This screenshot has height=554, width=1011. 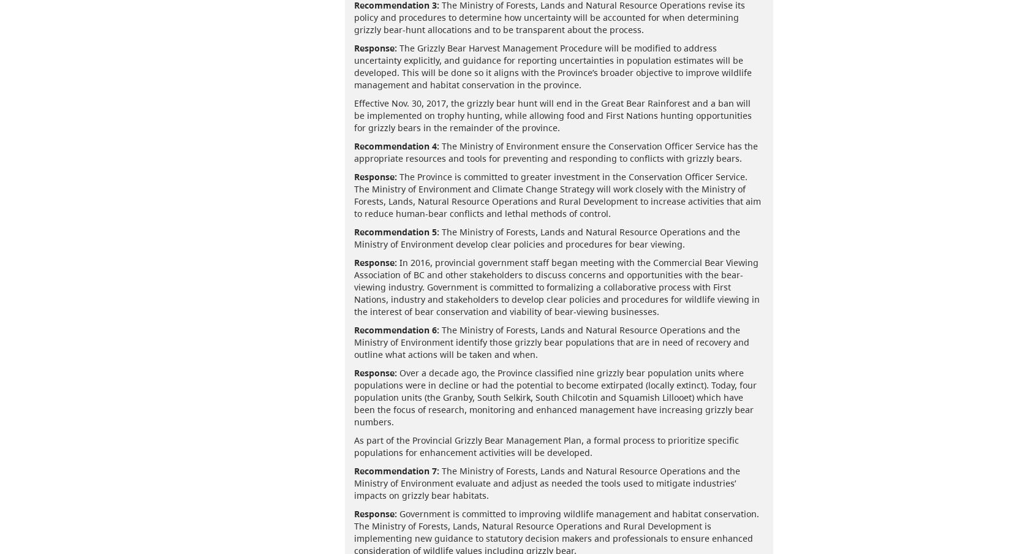 What do you see at coordinates (353, 286) in the screenshot?
I see `'In 2016, provincial government staff began meeting with the Commercial Bear Viewing Association of BC and other stakeholders to discuss concerns and opportunities with the bear-viewing industry. Government is committed to formalizing a collaborative process with First Nations, industry and stakeholders to develop clear policies and procedures for wildlife viewing in the interest of bear conservation and viability of bear-viewing businesses.'` at bounding box center [353, 286].